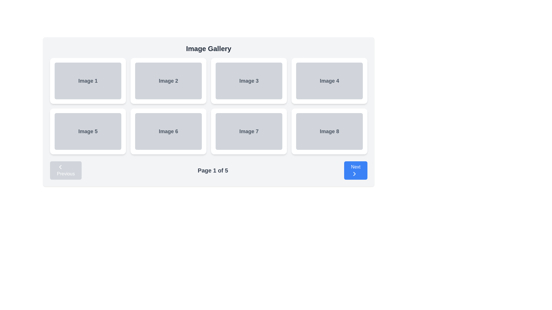  I want to click on the text label 'Image 4' which is styled in bold, gray font and located on a light gray background in the top-right corner of the gallery interface, so click(329, 81).